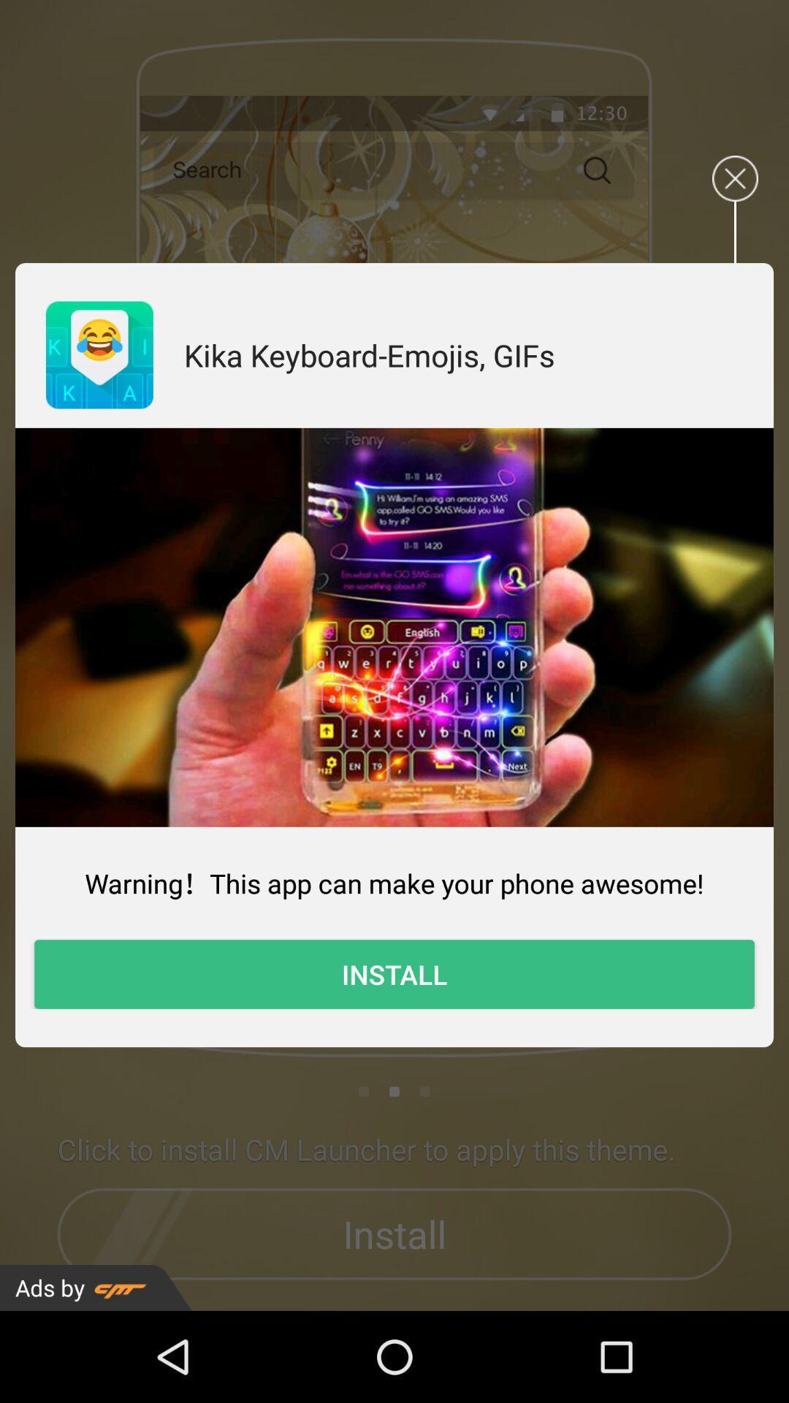  What do you see at coordinates (735, 190) in the screenshot?
I see `the close icon` at bounding box center [735, 190].